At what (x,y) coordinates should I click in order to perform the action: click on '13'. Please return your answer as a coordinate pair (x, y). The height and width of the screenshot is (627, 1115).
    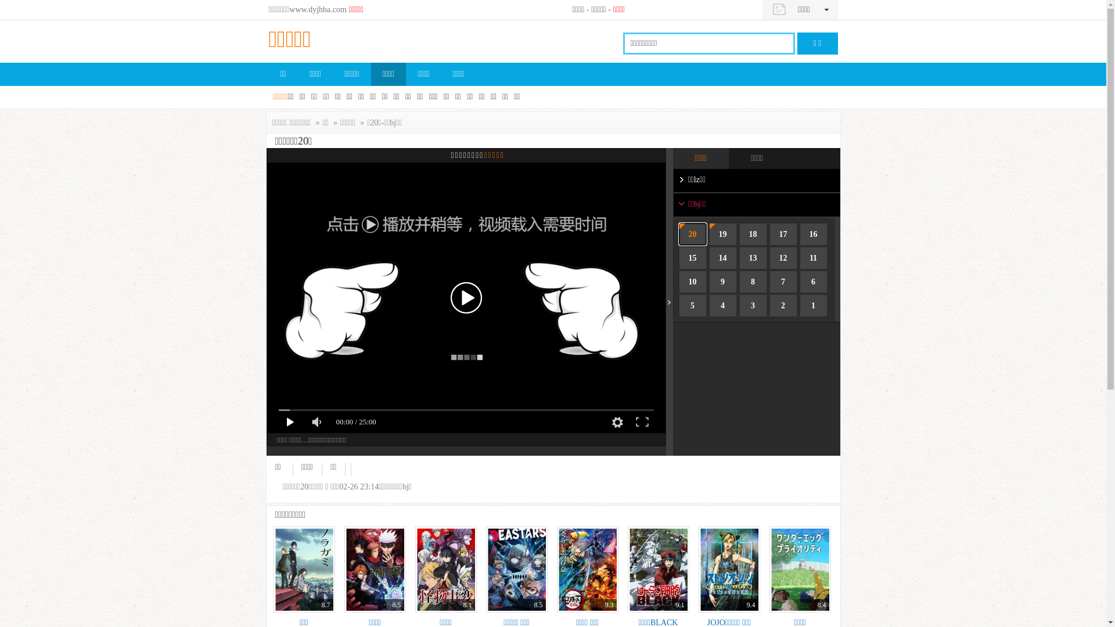
    Looking at the image, I should click on (753, 257).